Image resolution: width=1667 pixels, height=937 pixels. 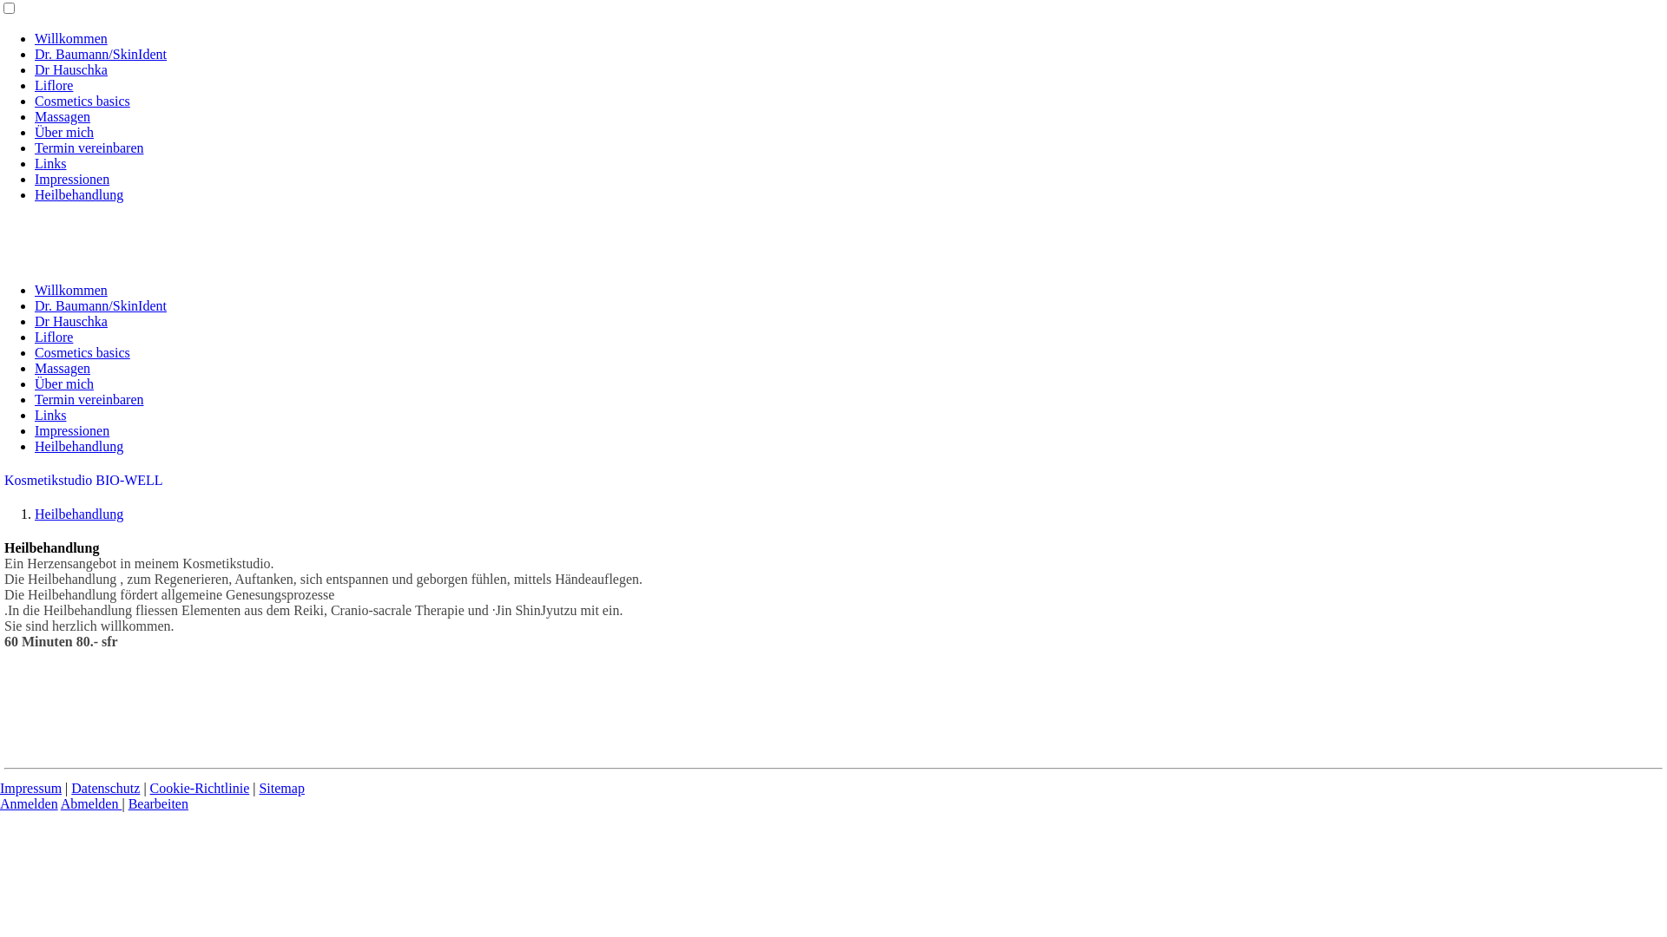 I want to click on 'Dr. Baumann/SkinIdent', so click(x=99, y=53).